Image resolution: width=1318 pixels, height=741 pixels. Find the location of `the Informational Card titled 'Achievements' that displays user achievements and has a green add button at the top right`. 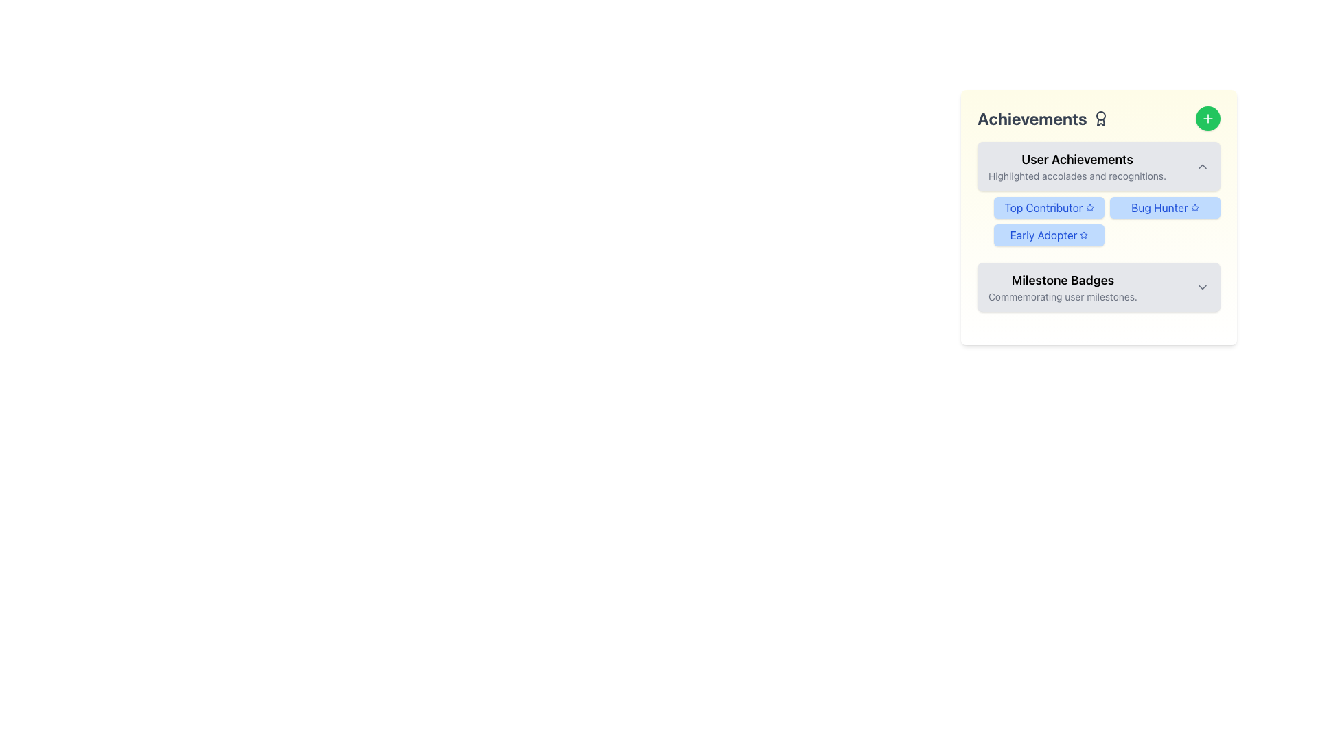

the Informational Card titled 'Achievements' that displays user achievements and has a green add button at the top right is located at coordinates (1099, 255).